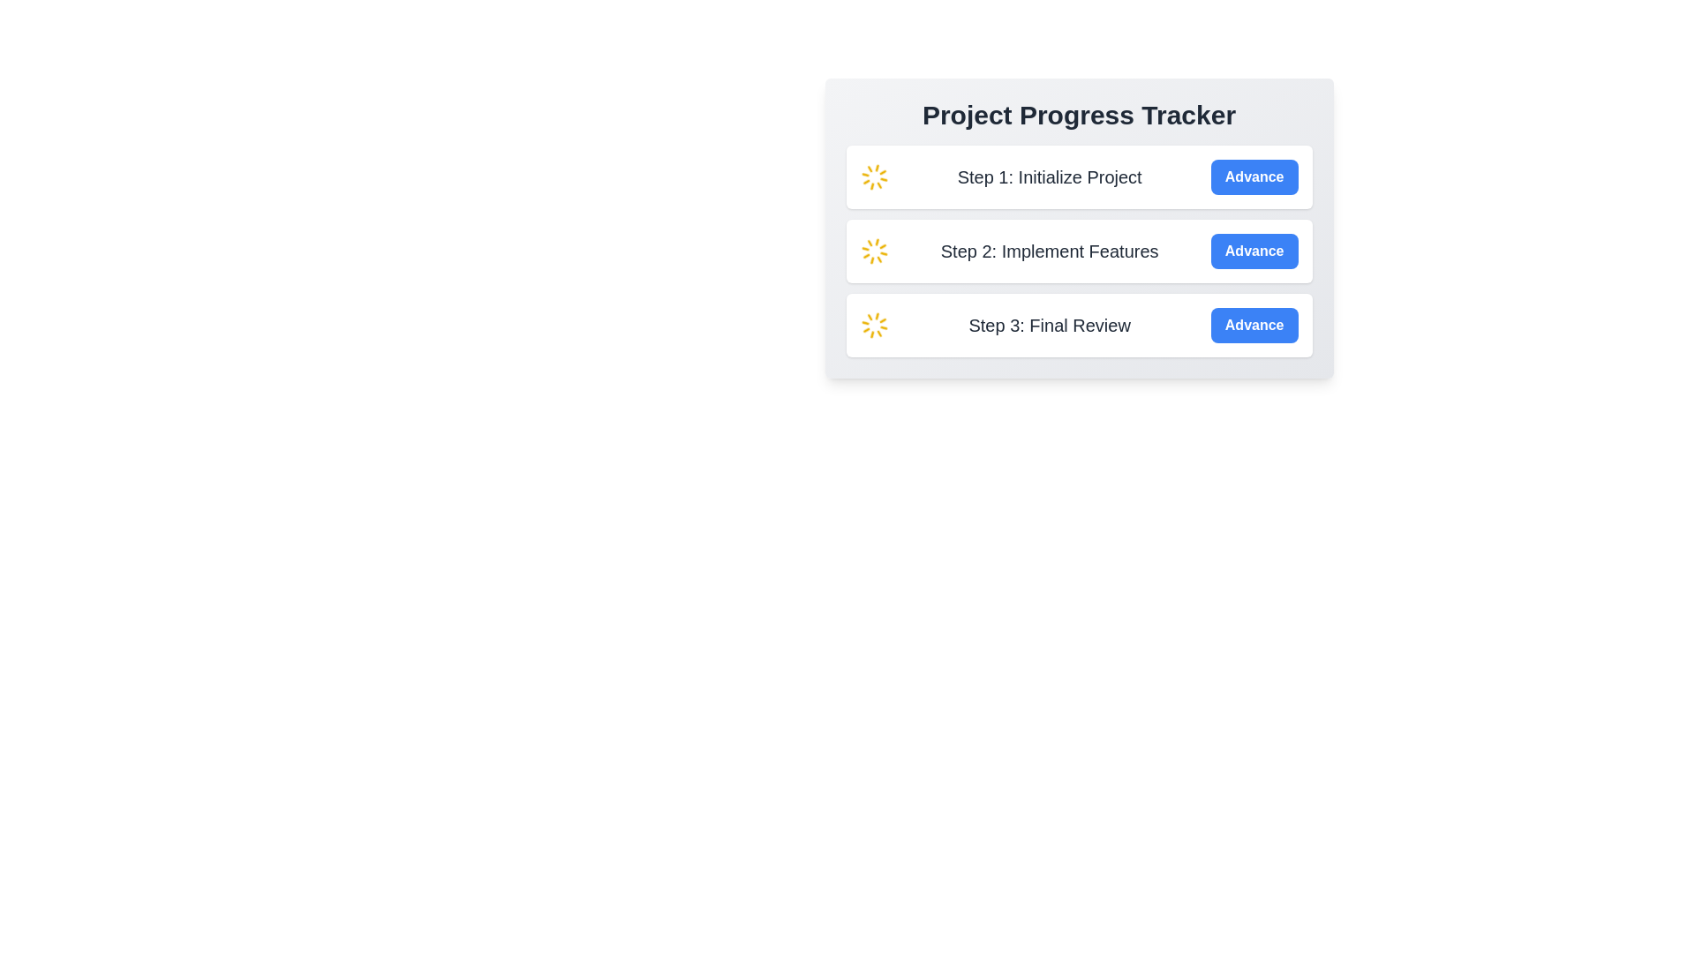 This screenshot has height=953, width=1695. Describe the element at coordinates (1050, 176) in the screenshot. I see `the text label that reads 'Step 1: Initialize Project', which is styled with a medium, extra-large gray font and is positioned between a yellow spinning icon and a blue button labeled 'Advance'` at that location.